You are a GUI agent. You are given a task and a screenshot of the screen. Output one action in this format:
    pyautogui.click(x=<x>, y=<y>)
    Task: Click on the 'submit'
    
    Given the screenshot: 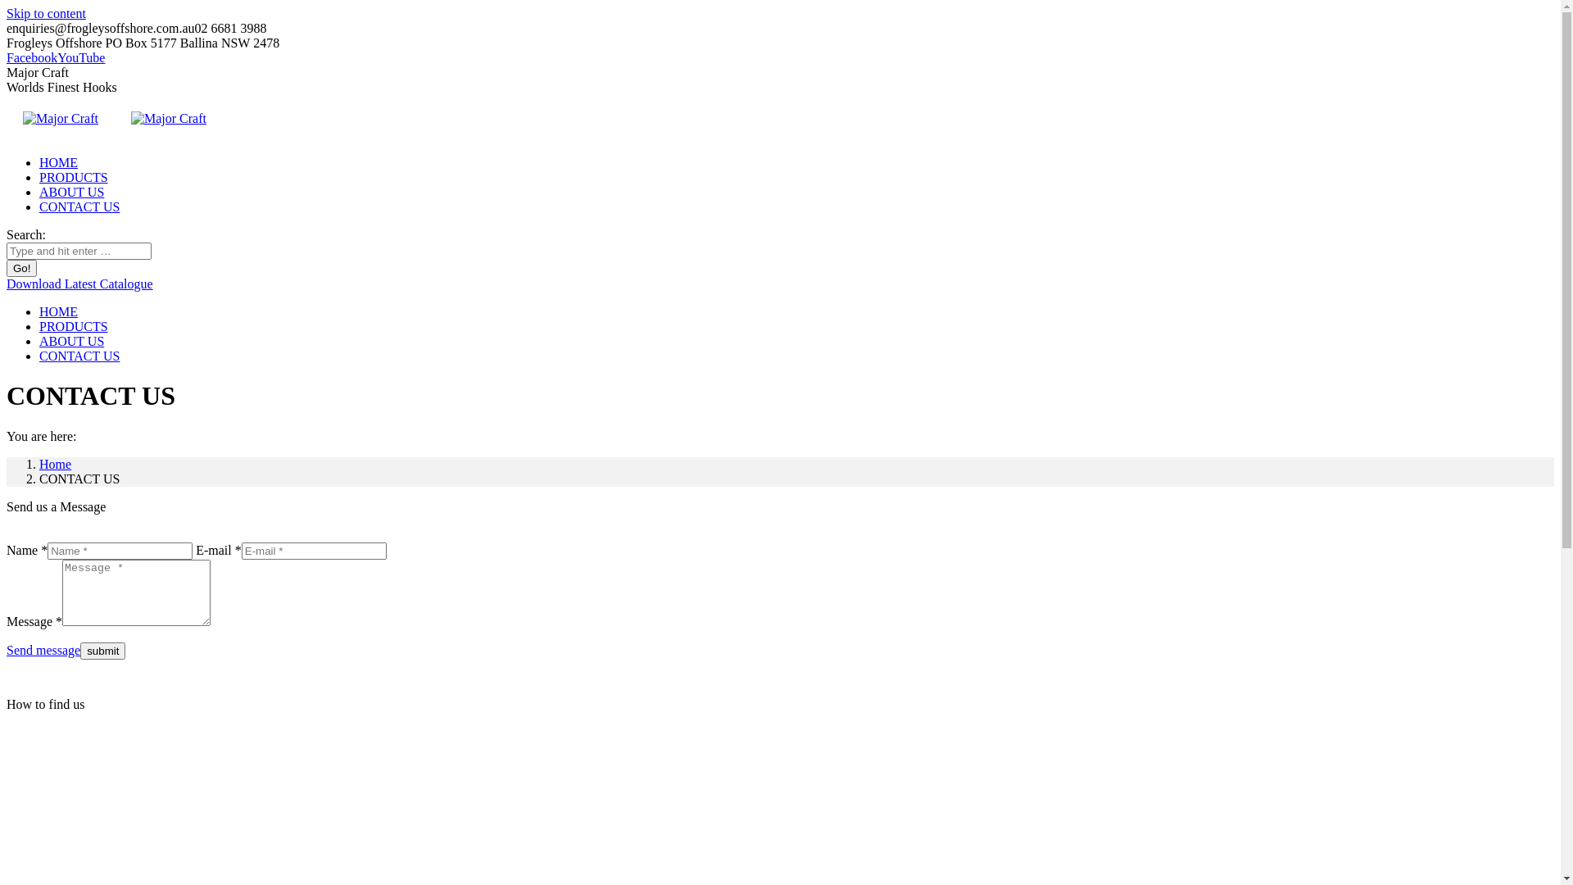 What is the action you would take?
    pyautogui.click(x=102, y=650)
    